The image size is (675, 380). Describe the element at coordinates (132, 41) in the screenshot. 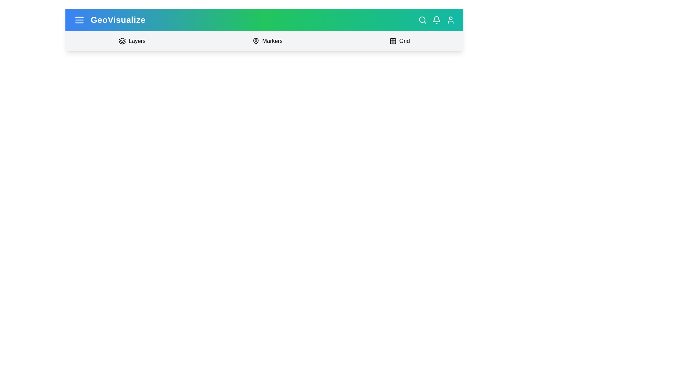

I see `the 'Layers' button to toggle the Layers panel` at that location.